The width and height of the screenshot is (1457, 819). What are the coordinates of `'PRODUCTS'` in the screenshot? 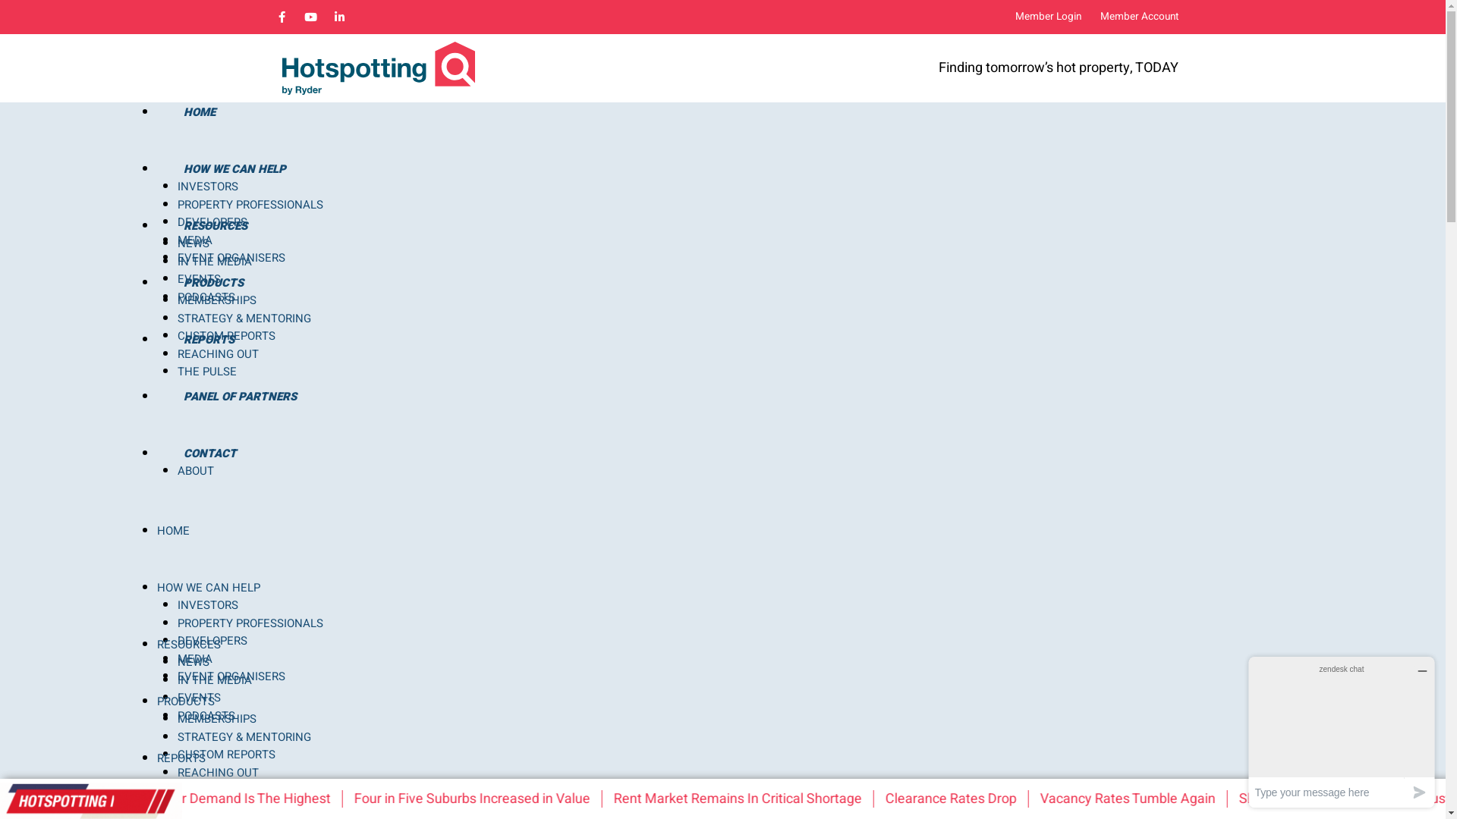 It's located at (212, 283).